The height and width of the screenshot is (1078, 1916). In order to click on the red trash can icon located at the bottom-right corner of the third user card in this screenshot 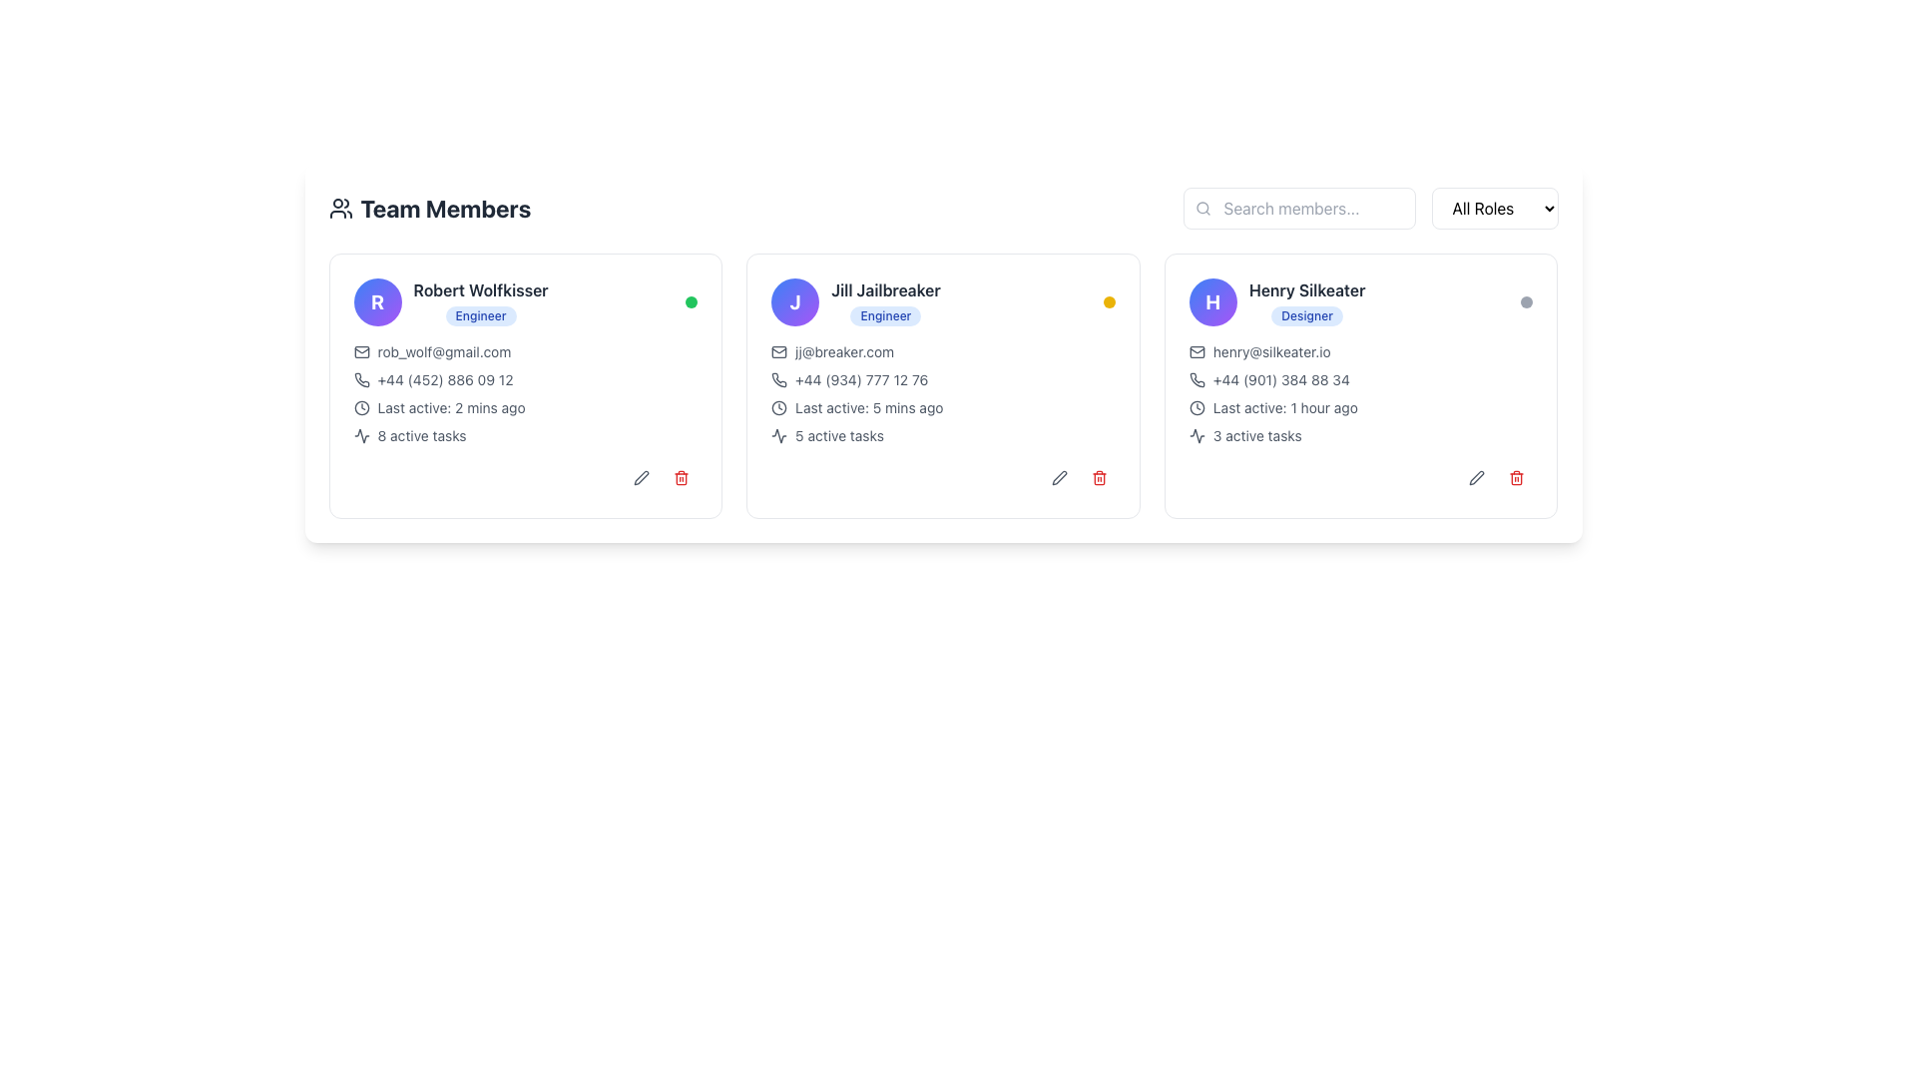, I will do `click(1517, 477)`.